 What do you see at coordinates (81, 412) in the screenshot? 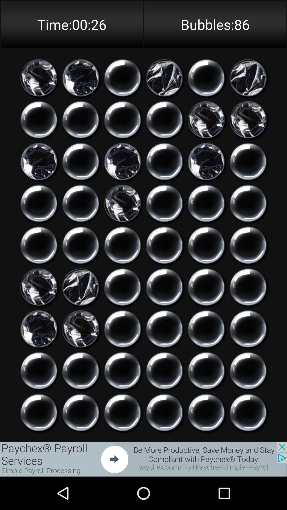
I see `pop bubble` at bounding box center [81, 412].